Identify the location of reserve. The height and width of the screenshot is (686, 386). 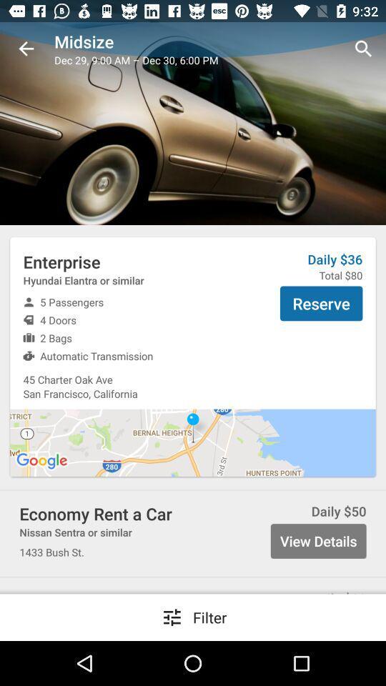
(321, 303).